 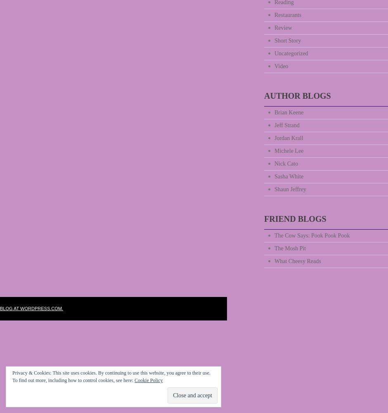 I want to click on 'To find out more, including how to control cookies, see here:', so click(x=12, y=380).